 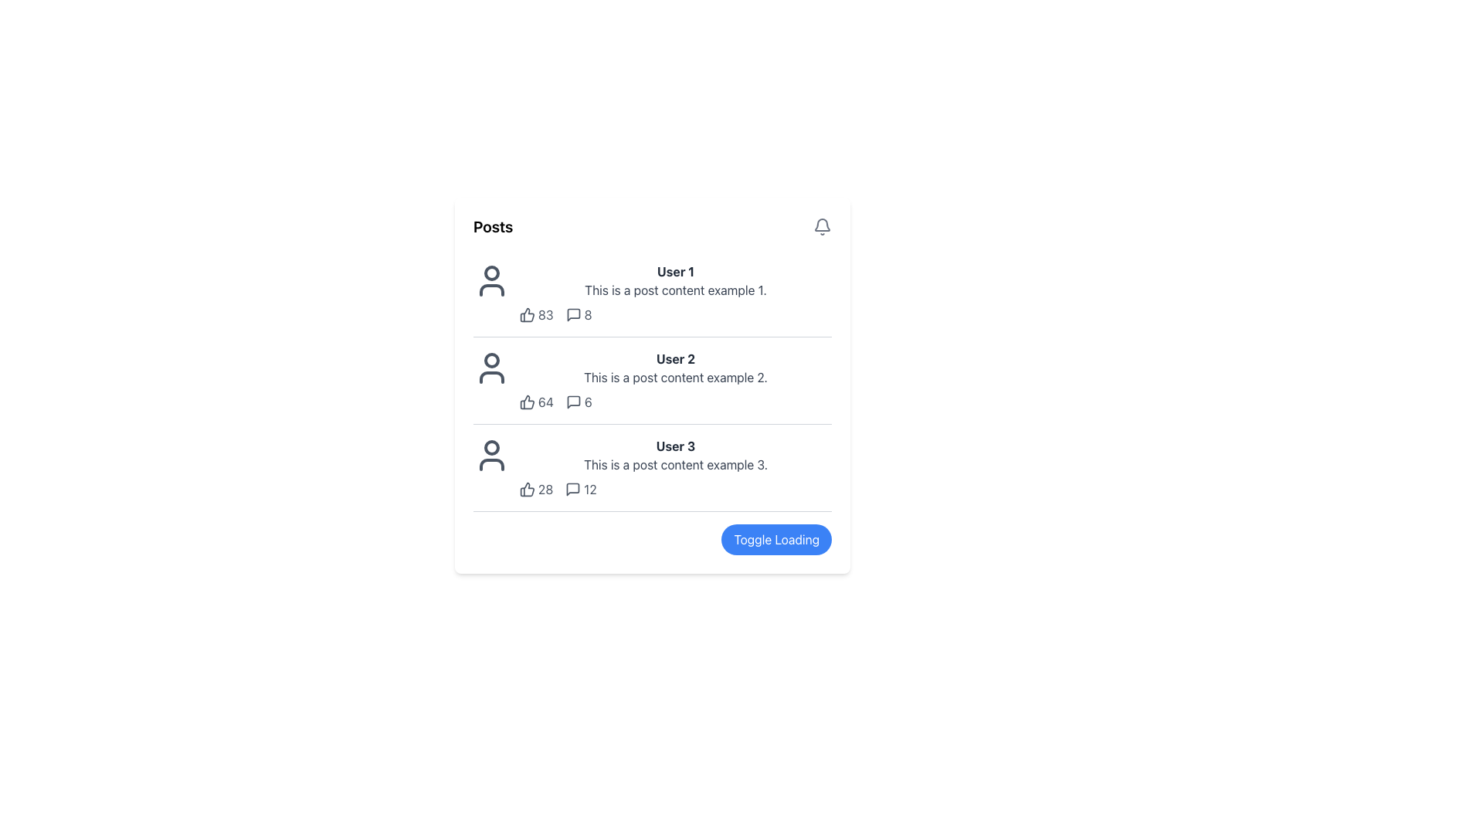 What do you see at coordinates (675, 293) in the screenshot?
I see `the Post Display Block authored by 'User 1'` at bounding box center [675, 293].